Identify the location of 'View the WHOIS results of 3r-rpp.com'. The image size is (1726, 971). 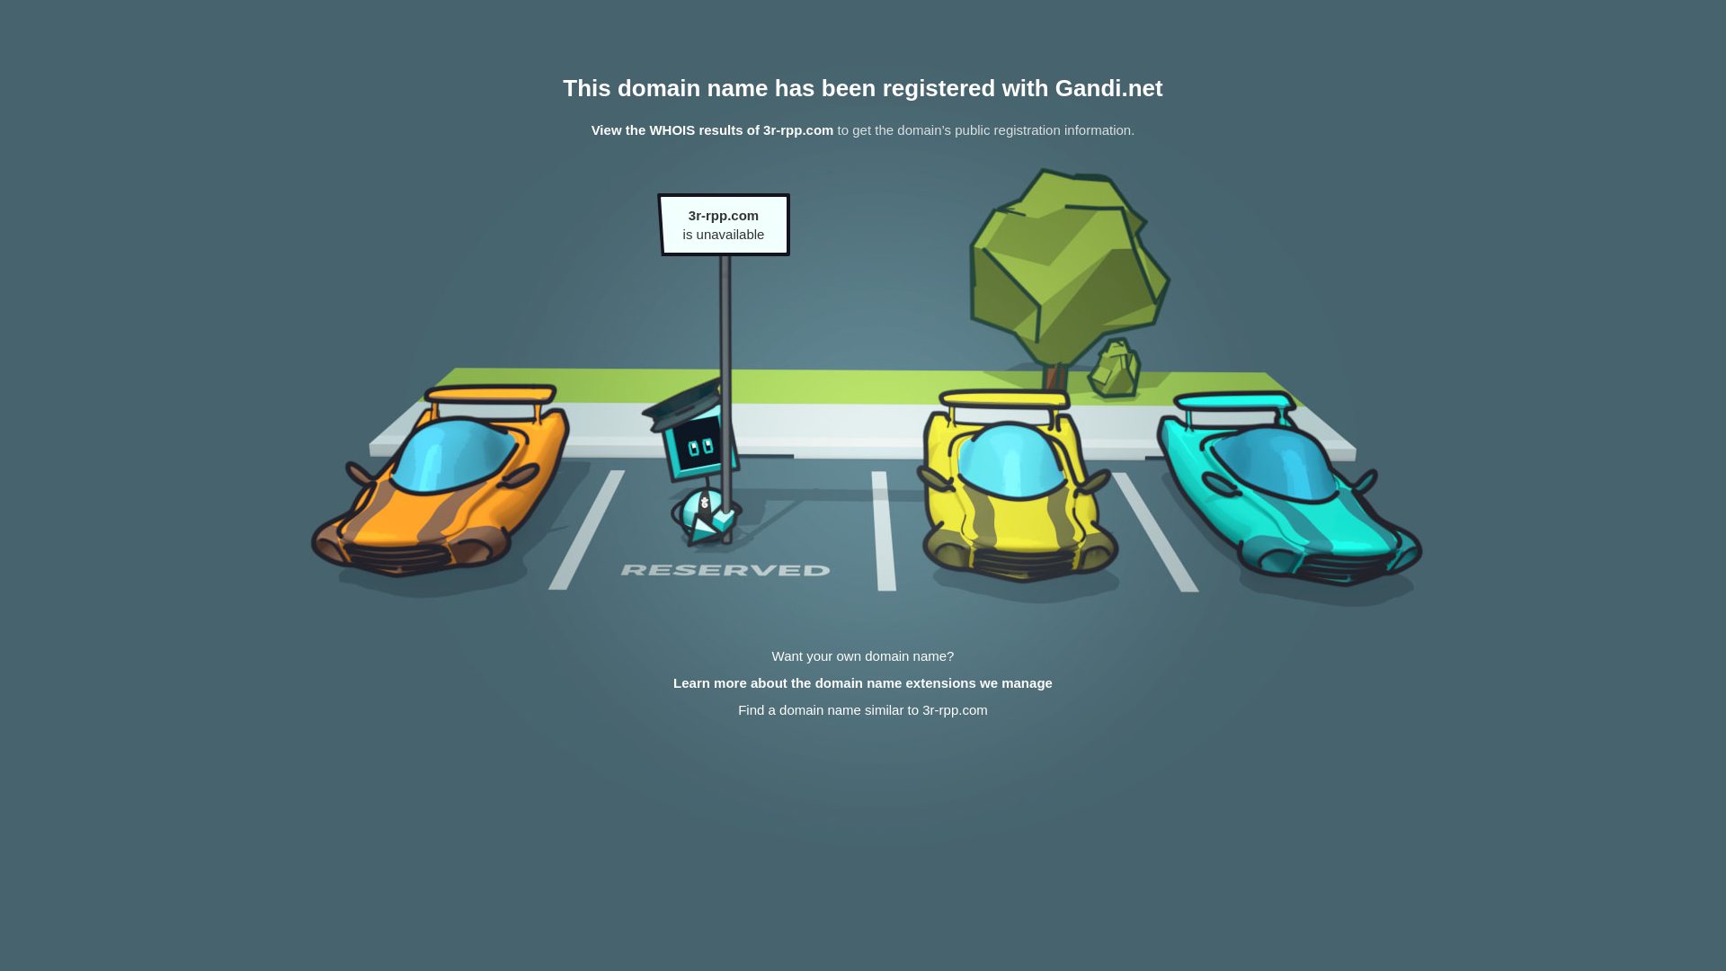
(711, 129).